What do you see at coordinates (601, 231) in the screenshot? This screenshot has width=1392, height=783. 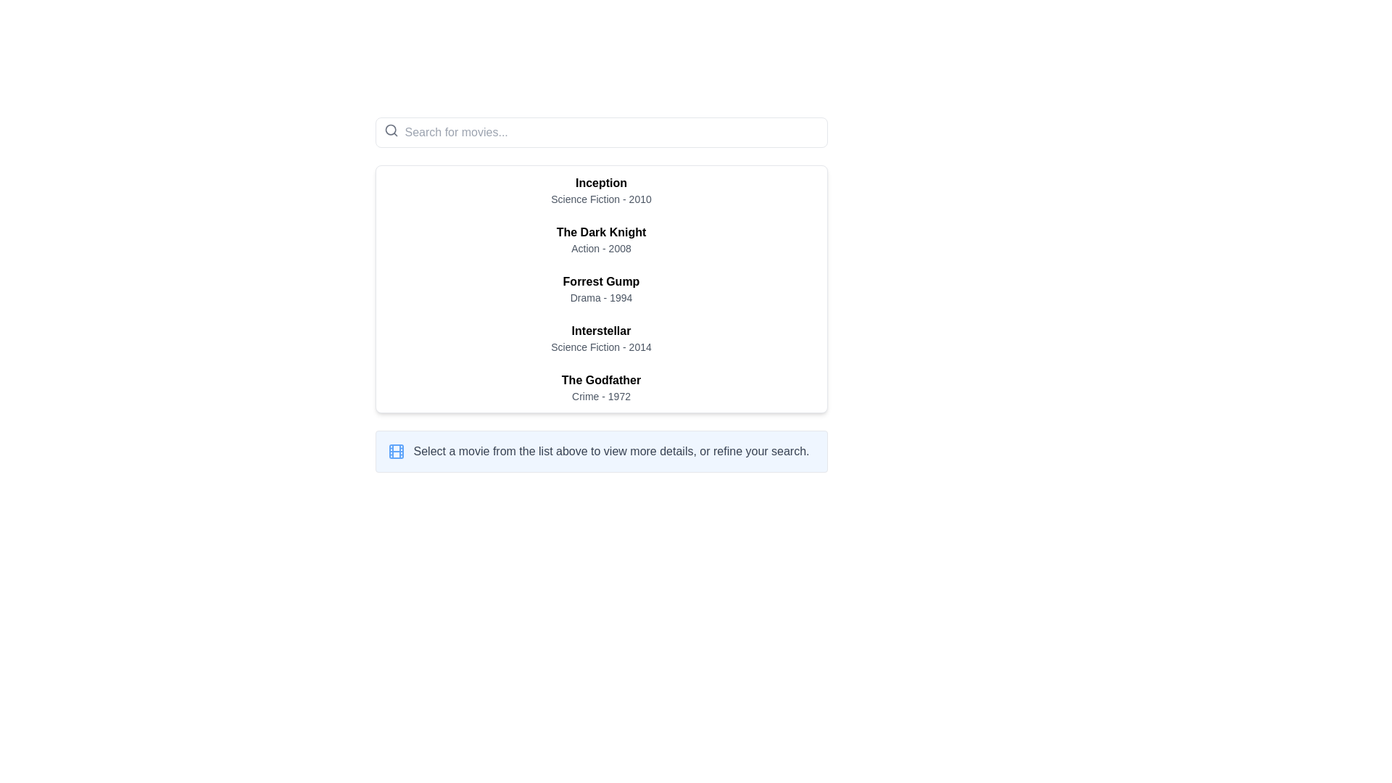 I see `text label for the movie title 'The Dark Knight' which is located in the second row of the movie selection list, above the text 'Action - 2008'` at bounding box center [601, 231].